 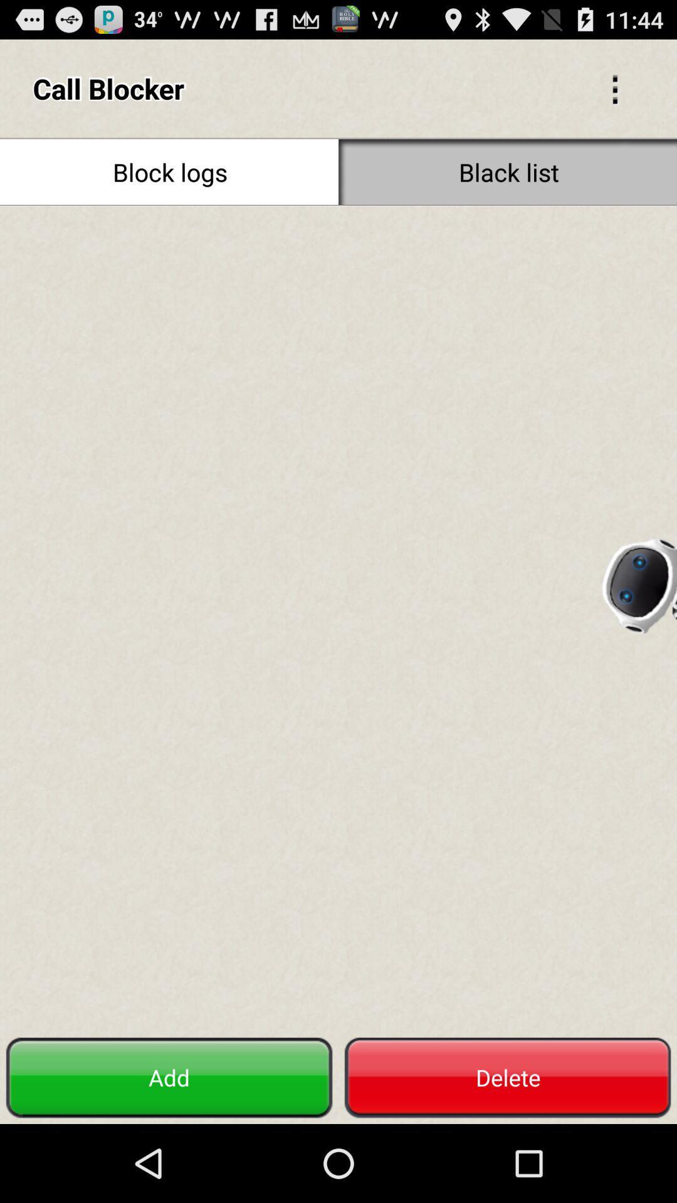 I want to click on block logs, so click(x=169, y=171).